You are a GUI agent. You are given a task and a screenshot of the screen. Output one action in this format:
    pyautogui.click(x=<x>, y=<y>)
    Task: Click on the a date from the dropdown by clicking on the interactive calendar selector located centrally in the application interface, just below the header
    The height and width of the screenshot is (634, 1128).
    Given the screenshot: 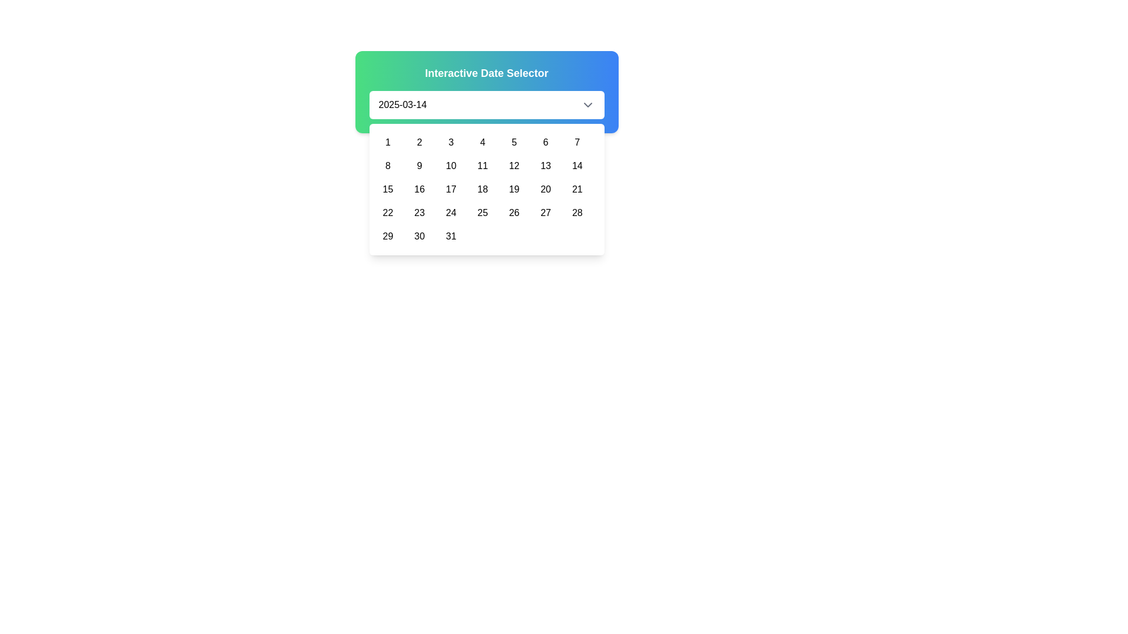 What is the action you would take?
    pyautogui.click(x=486, y=92)
    